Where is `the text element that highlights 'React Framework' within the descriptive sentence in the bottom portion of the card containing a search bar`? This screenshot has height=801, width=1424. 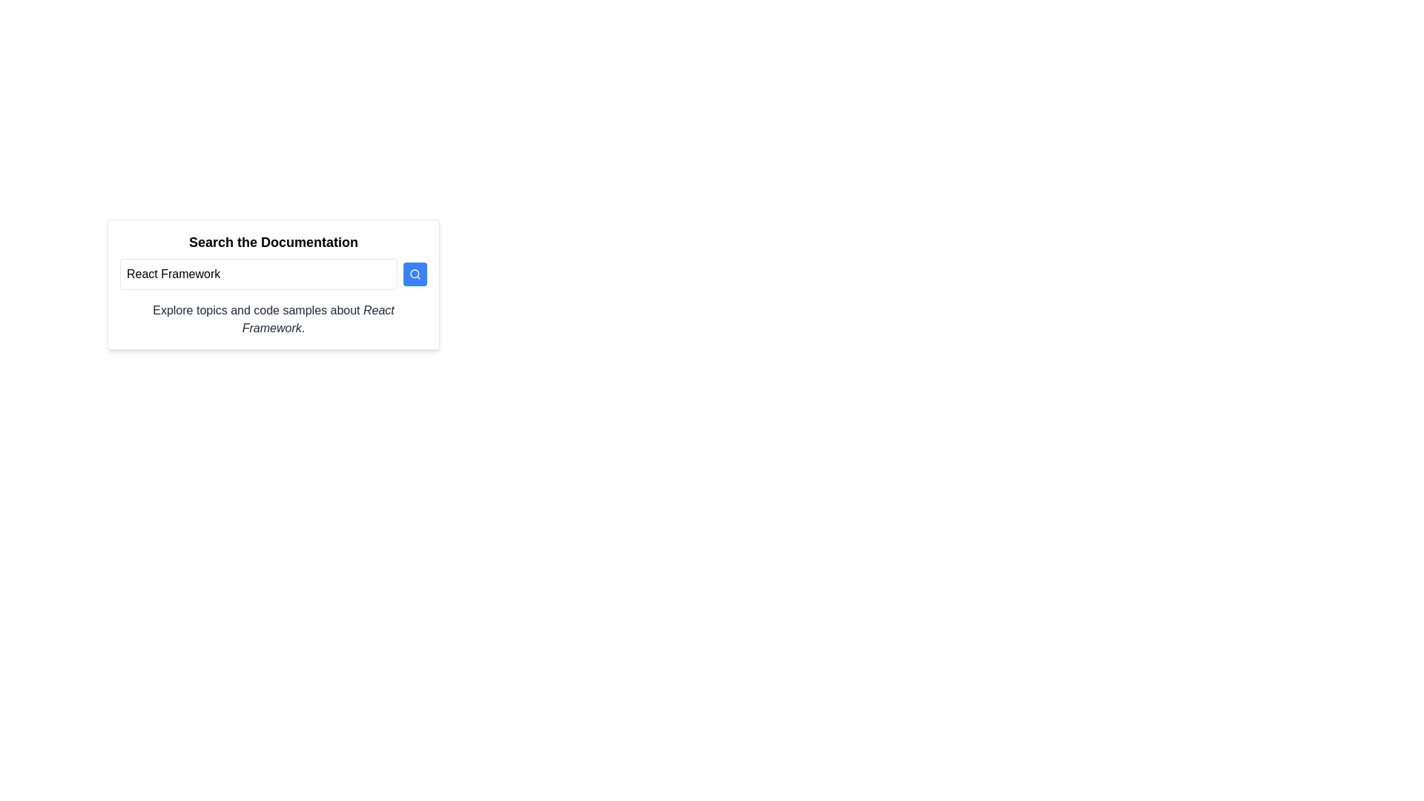 the text element that highlights 'React Framework' within the descriptive sentence in the bottom portion of the card containing a search bar is located at coordinates (317, 318).